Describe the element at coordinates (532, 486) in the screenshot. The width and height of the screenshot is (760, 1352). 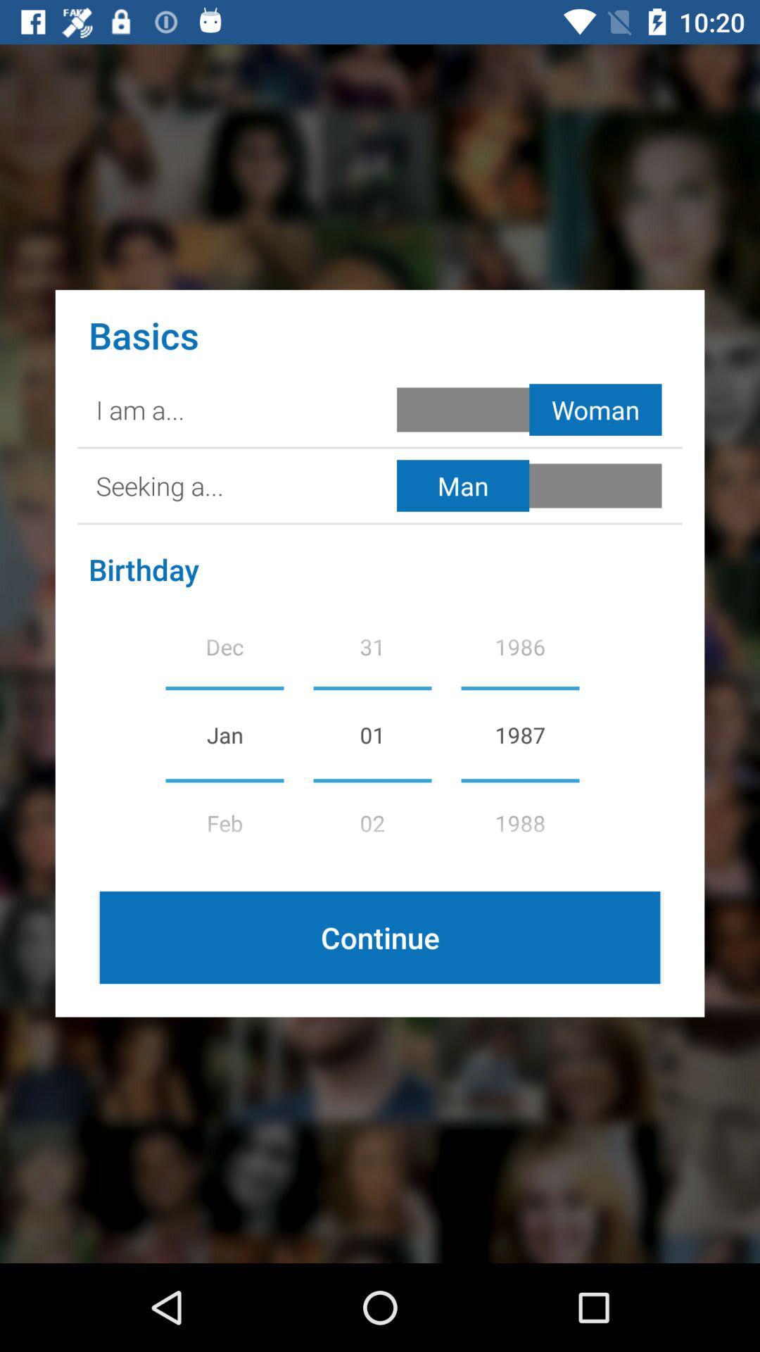
I see `address page` at that location.